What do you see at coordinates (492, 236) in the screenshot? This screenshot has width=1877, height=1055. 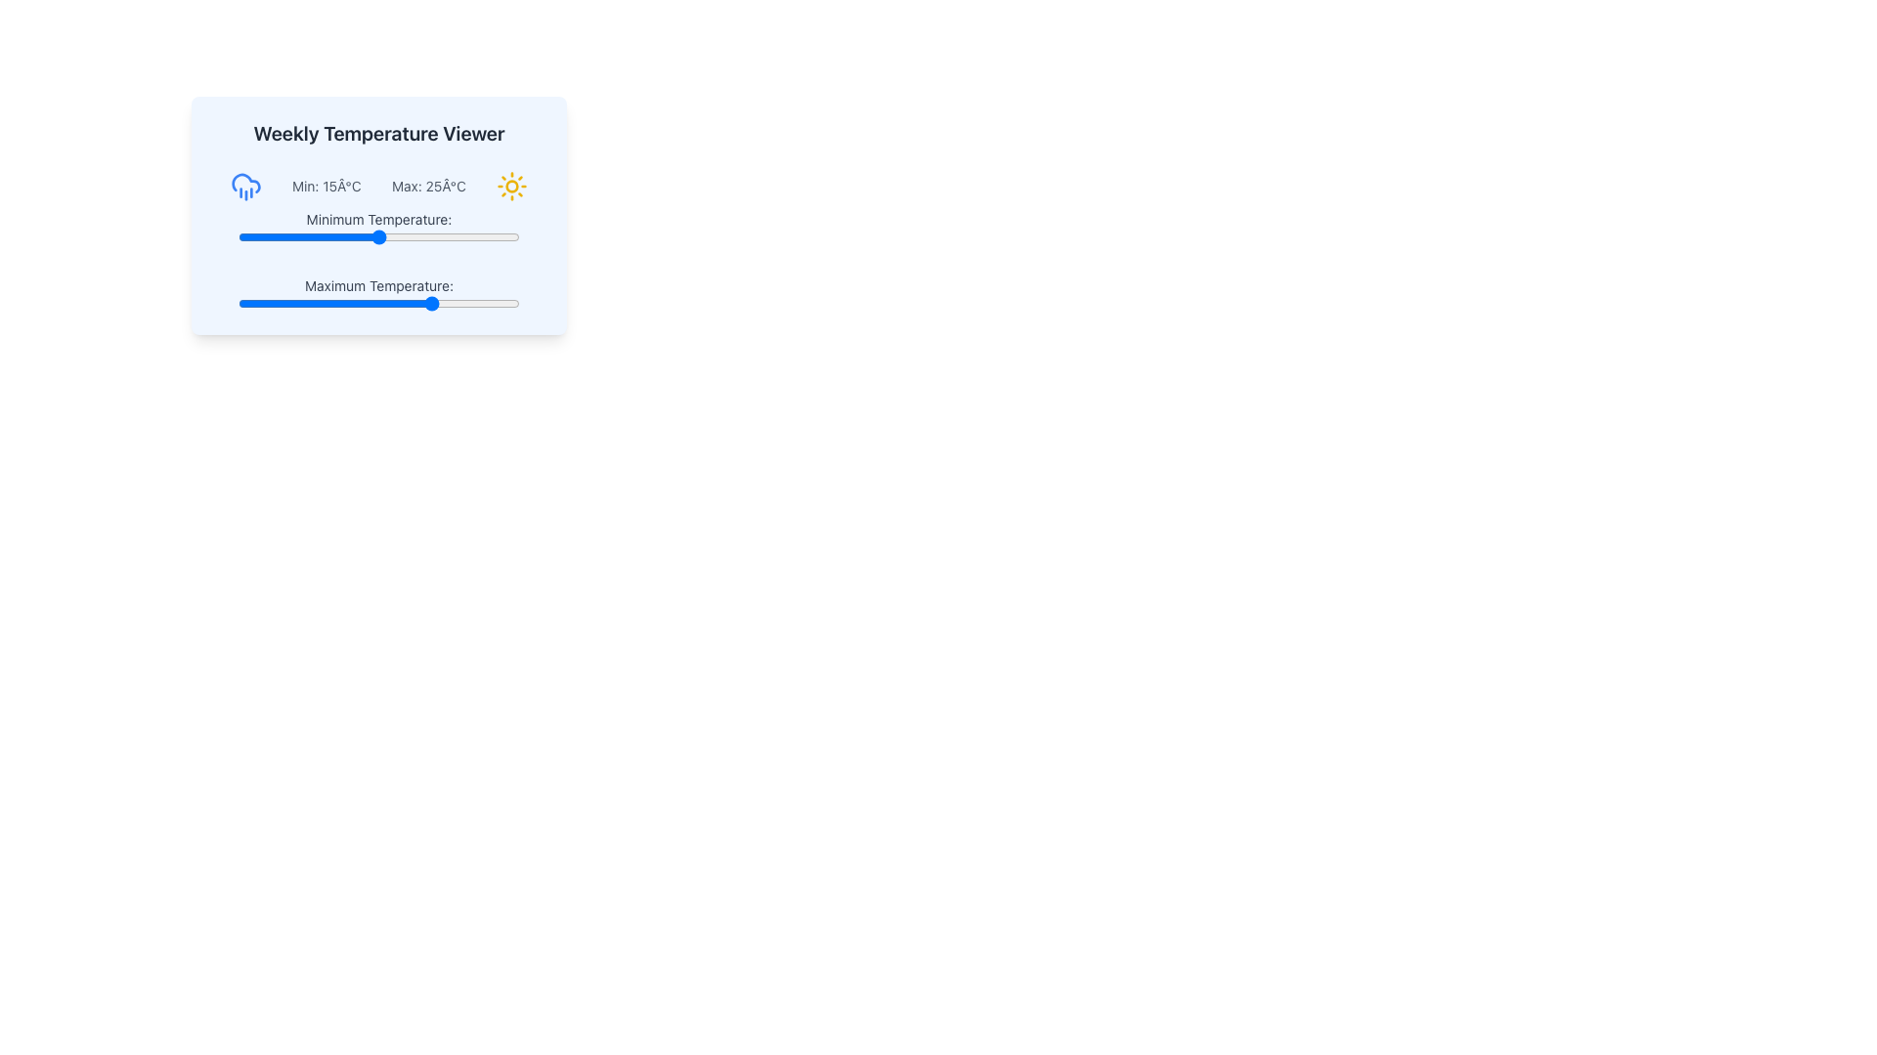 I see `the minimum temperature` at bounding box center [492, 236].